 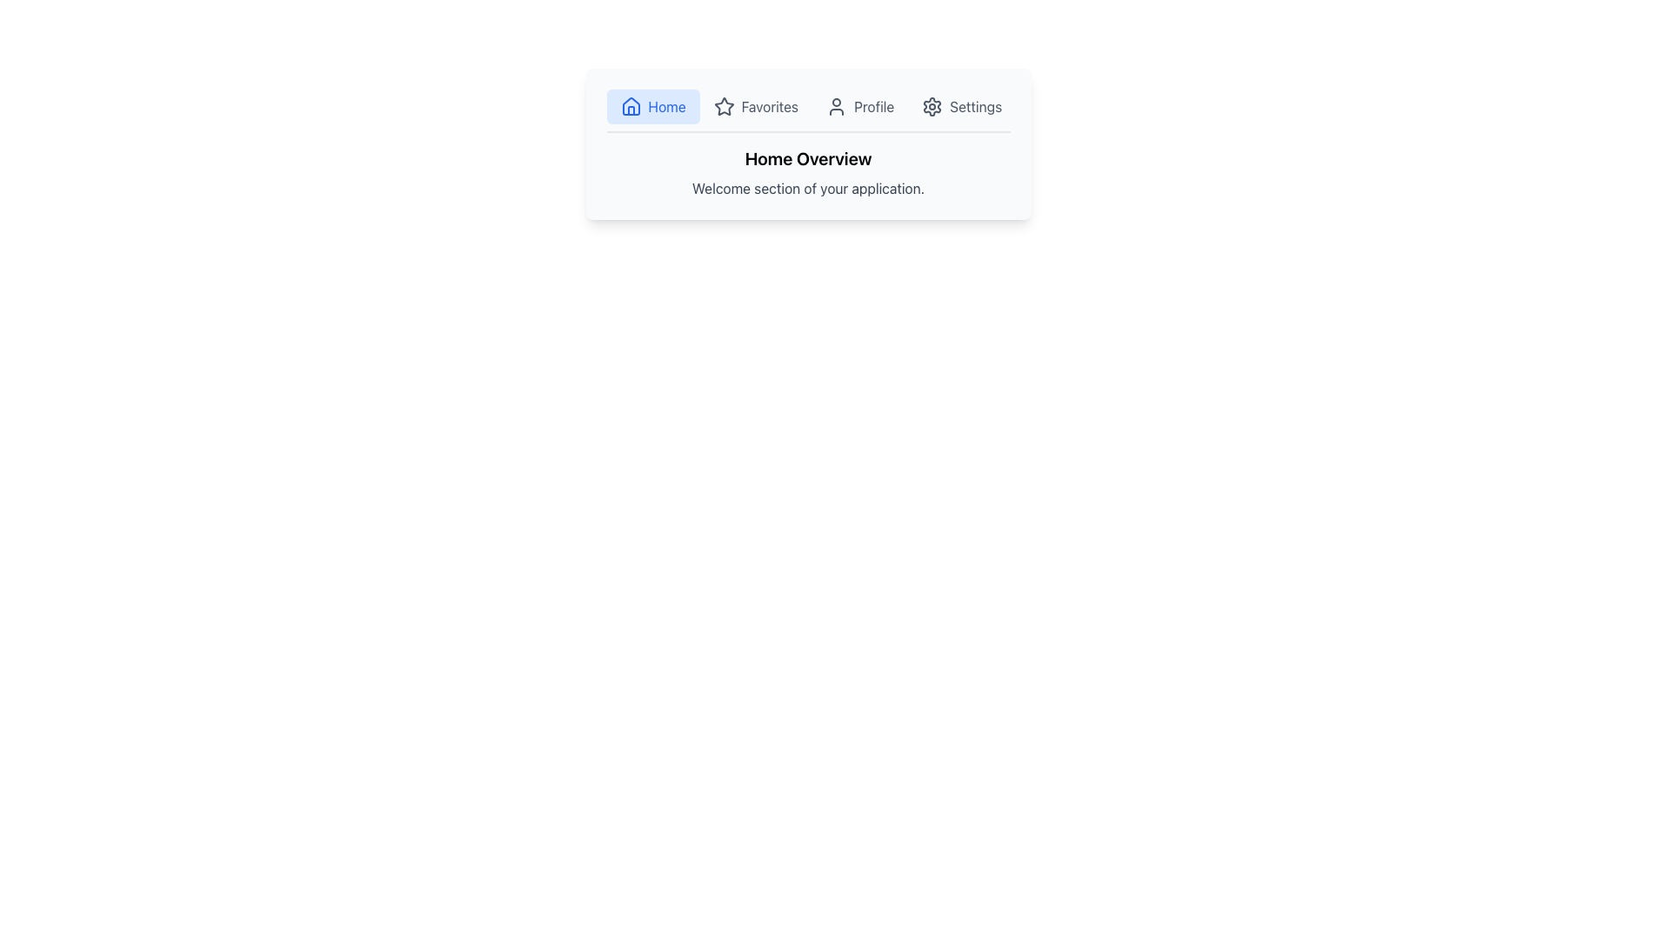 I want to click on the 'Home Overview' text label, which is prominently displayed in a large, bold font style and centered horizontally in the interface, so click(x=807, y=158).